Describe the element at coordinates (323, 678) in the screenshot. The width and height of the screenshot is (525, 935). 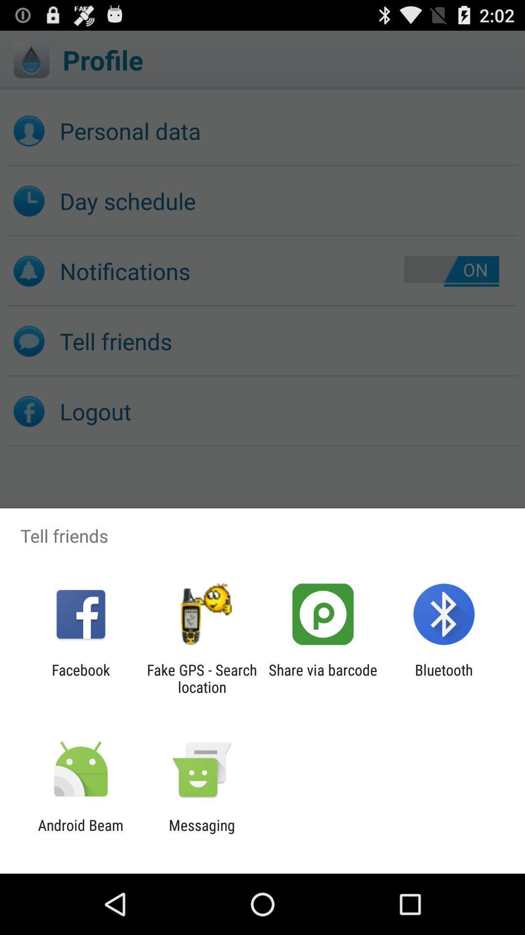
I see `app to the right of fake gps search item` at that location.